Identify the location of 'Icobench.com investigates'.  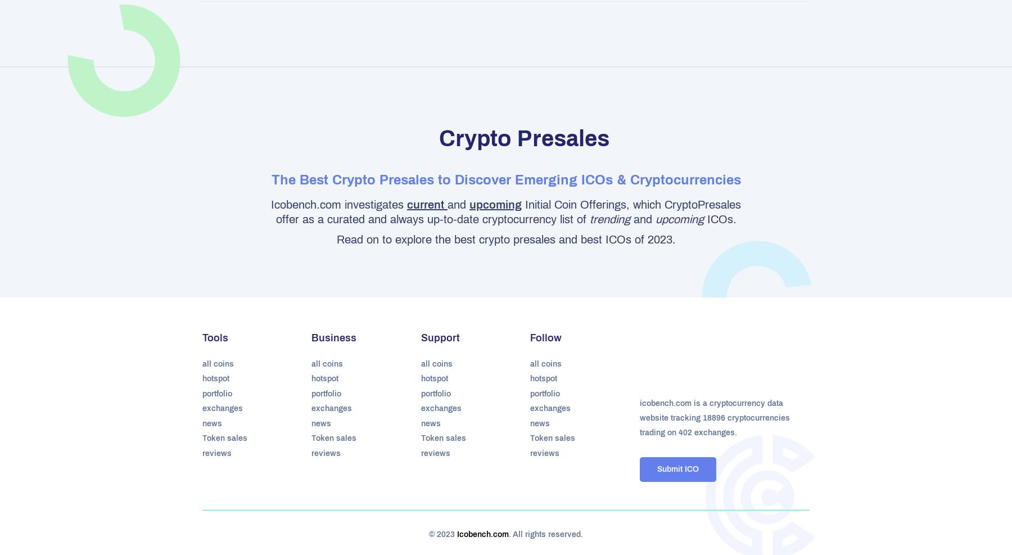
(339, 205).